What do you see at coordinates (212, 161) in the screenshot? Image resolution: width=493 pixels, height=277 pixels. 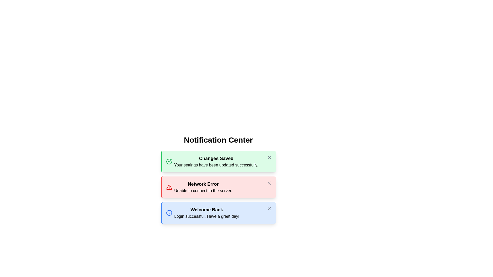 I see `the 'Changes Saved' notification message displayed in the topmost notification card with a green background, which includes a checkmark icon to the left` at bounding box center [212, 161].